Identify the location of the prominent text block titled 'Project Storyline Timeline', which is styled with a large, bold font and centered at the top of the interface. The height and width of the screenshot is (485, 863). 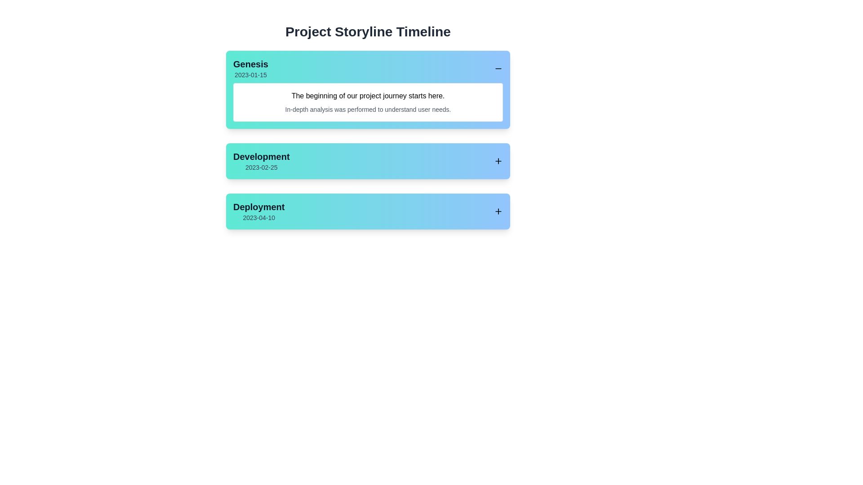
(368, 31).